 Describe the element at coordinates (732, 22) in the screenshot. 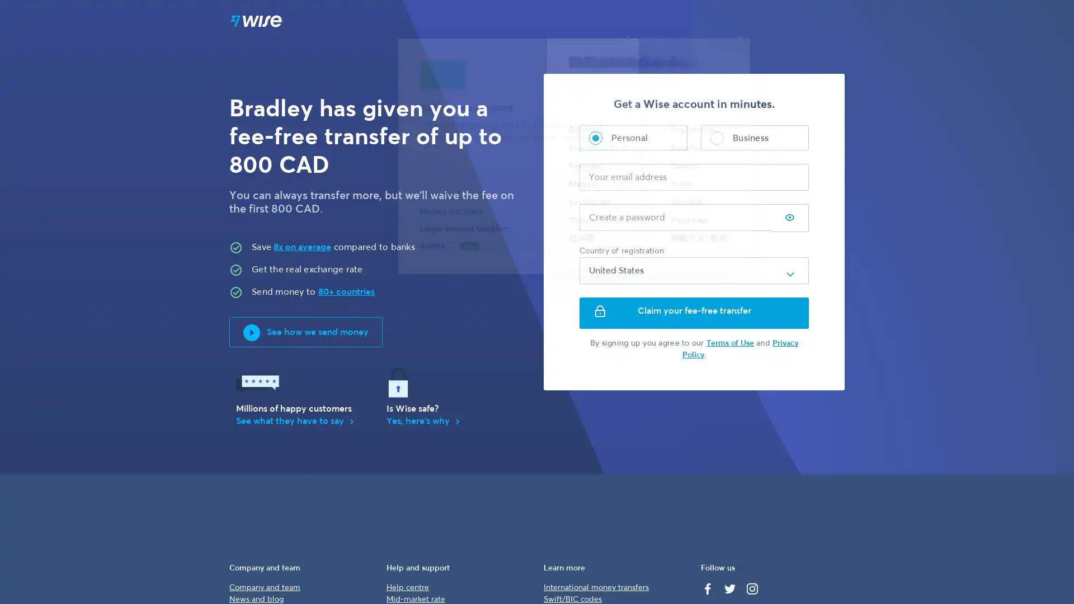

I see `EN` at that location.